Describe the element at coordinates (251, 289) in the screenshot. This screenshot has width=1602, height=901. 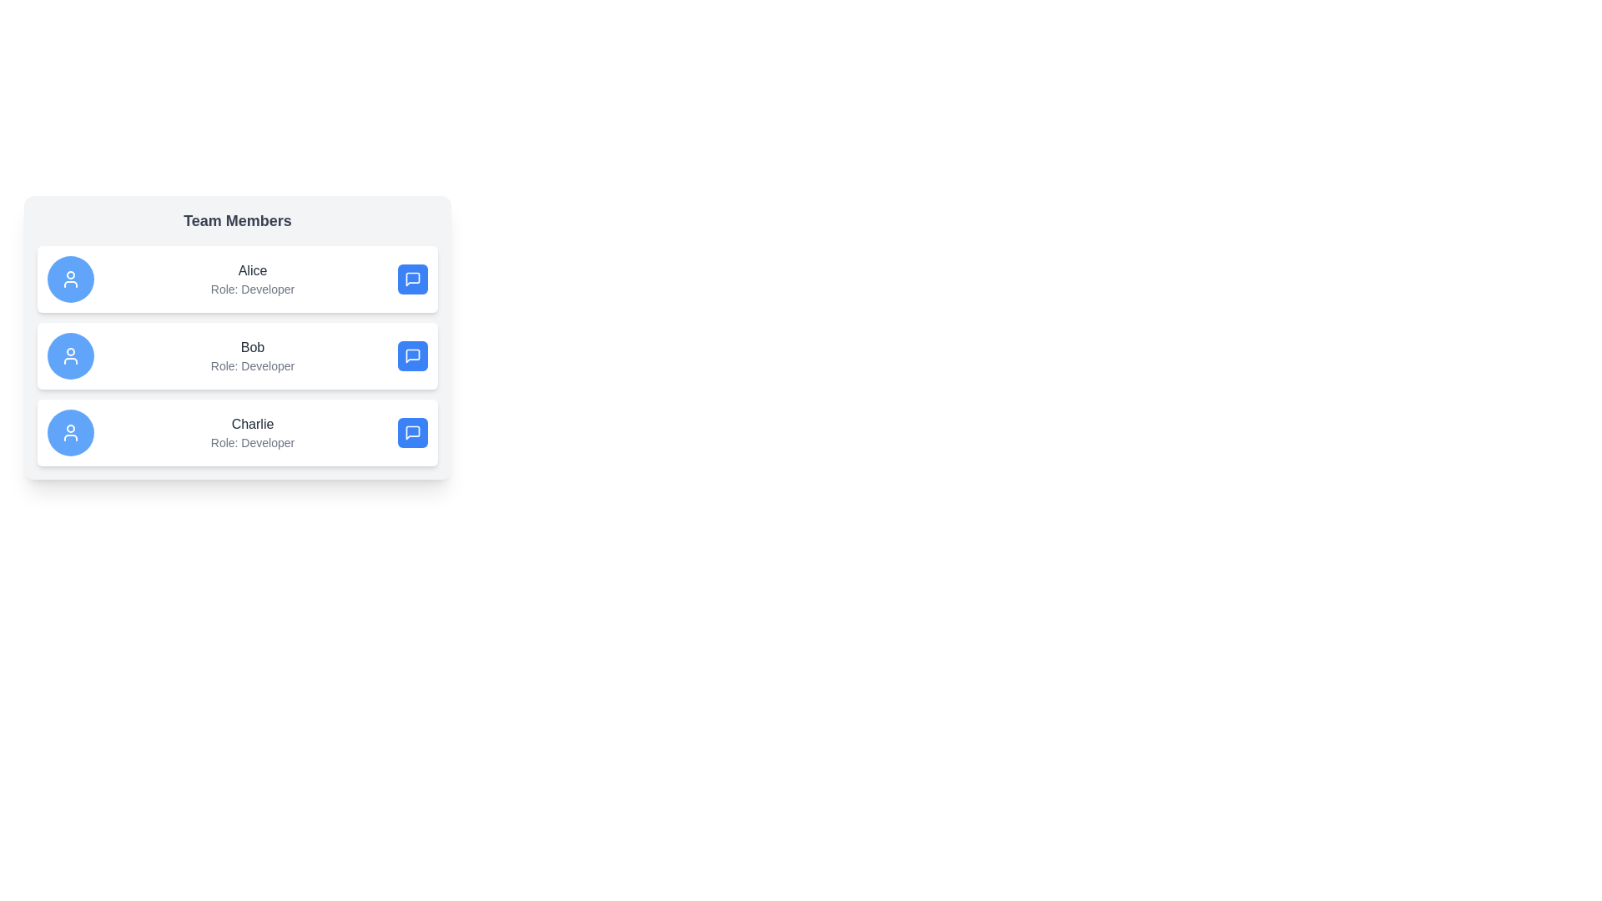
I see `the text label displaying 'Role: Developer' which is styled in gray color and positioned directly below the name 'Alice'` at that location.